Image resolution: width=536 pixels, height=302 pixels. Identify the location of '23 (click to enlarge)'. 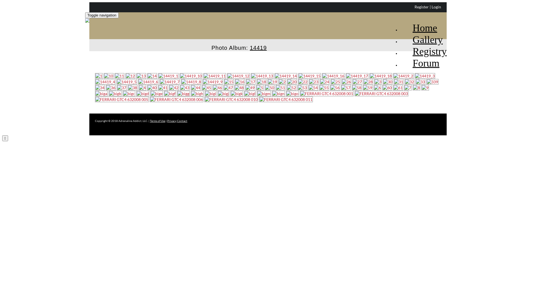
(314, 82).